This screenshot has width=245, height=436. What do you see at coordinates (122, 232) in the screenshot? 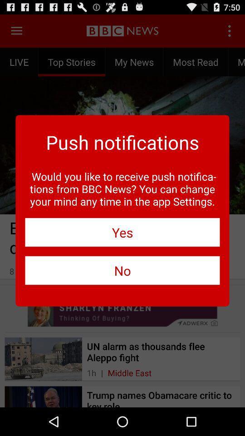
I see `yes icon` at bounding box center [122, 232].